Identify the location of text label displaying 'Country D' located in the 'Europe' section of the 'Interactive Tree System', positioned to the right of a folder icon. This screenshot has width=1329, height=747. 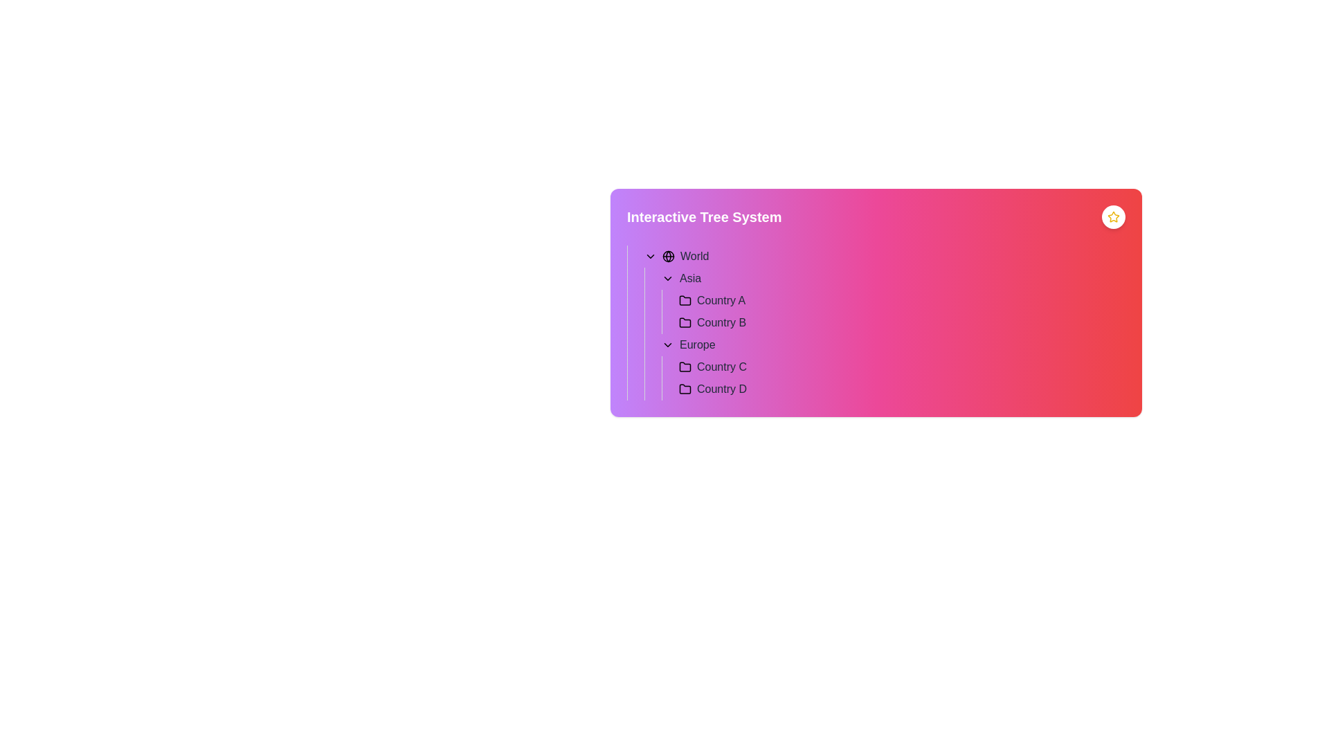
(721, 389).